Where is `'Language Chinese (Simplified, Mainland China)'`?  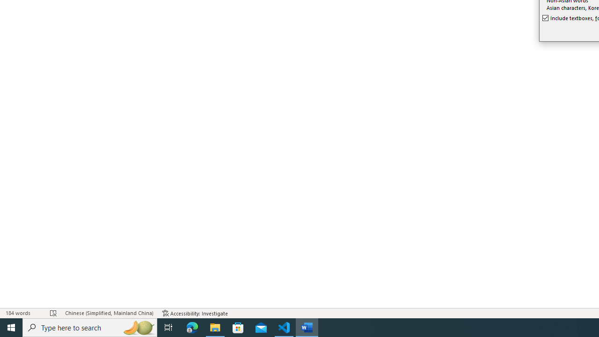
'Language Chinese (Simplified, Mainland China)' is located at coordinates (109, 313).